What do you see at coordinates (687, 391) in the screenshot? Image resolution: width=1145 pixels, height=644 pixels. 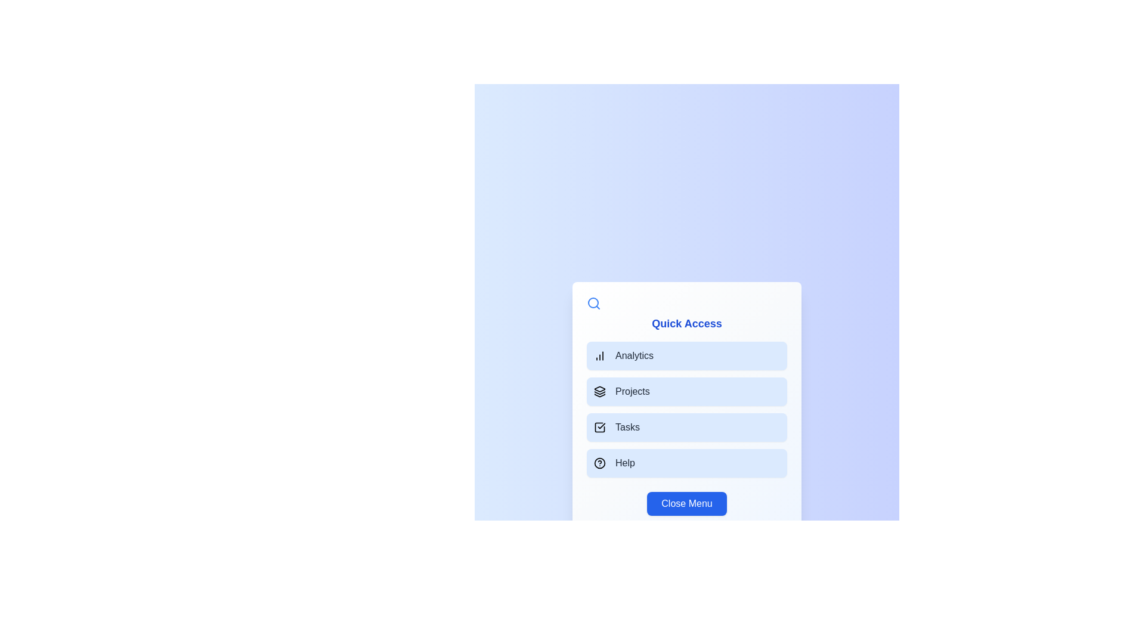 I see `the menu option Projects to navigate to its respective section` at bounding box center [687, 391].